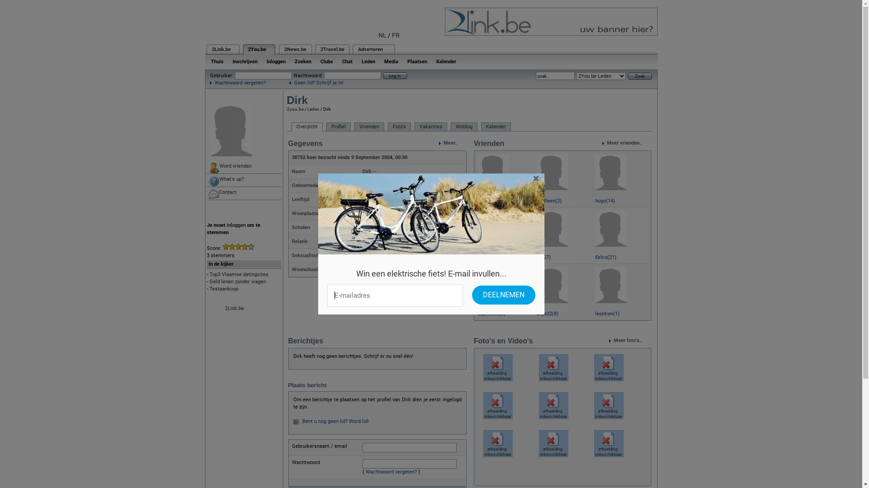 This screenshot has height=488, width=869. I want to click on 'inloggen', so click(236, 225).